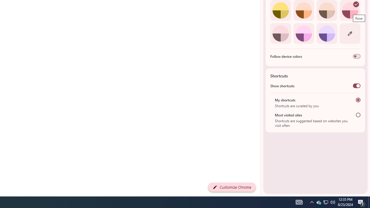 Image resolution: width=370 pixels, height=208 pixels. Describe the element at coordinates (280, 10) in the screenshot. I see `'Citron'` at that location.